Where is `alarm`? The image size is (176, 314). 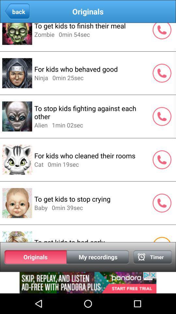 alarm is located at coordinates (153, 257).